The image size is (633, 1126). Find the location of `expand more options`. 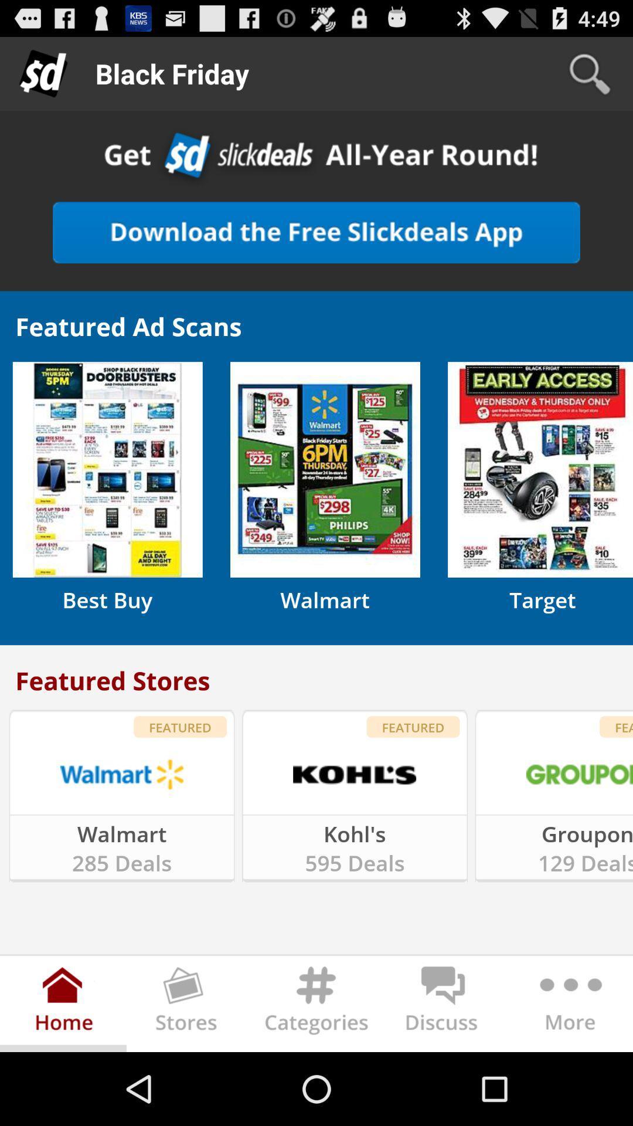

expand more options is located at coordinates (569, 1005).